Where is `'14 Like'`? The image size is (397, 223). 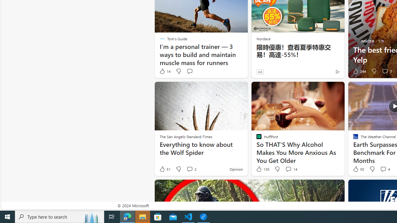
'14 Like' is located at coordinates (165, 71).